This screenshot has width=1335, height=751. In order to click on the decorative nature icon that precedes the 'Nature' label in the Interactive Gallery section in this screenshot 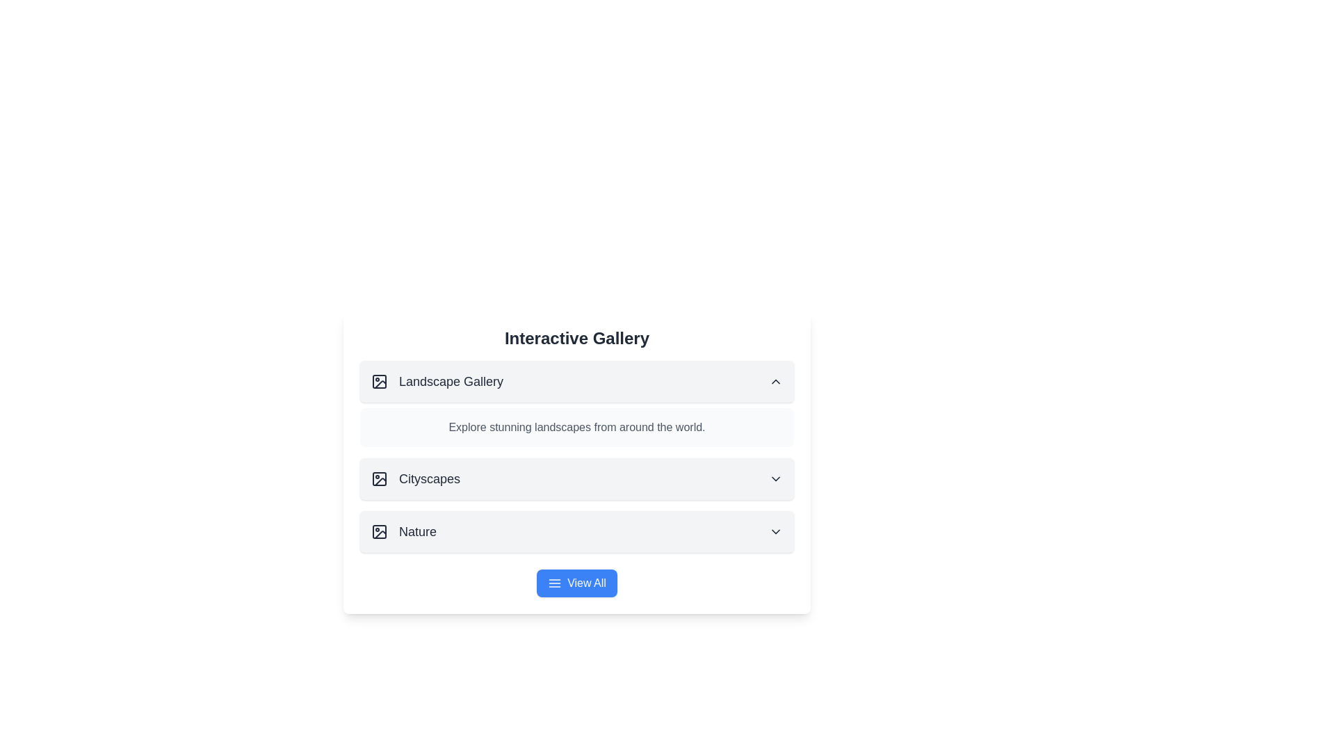, I will do `click(380, 531)`.